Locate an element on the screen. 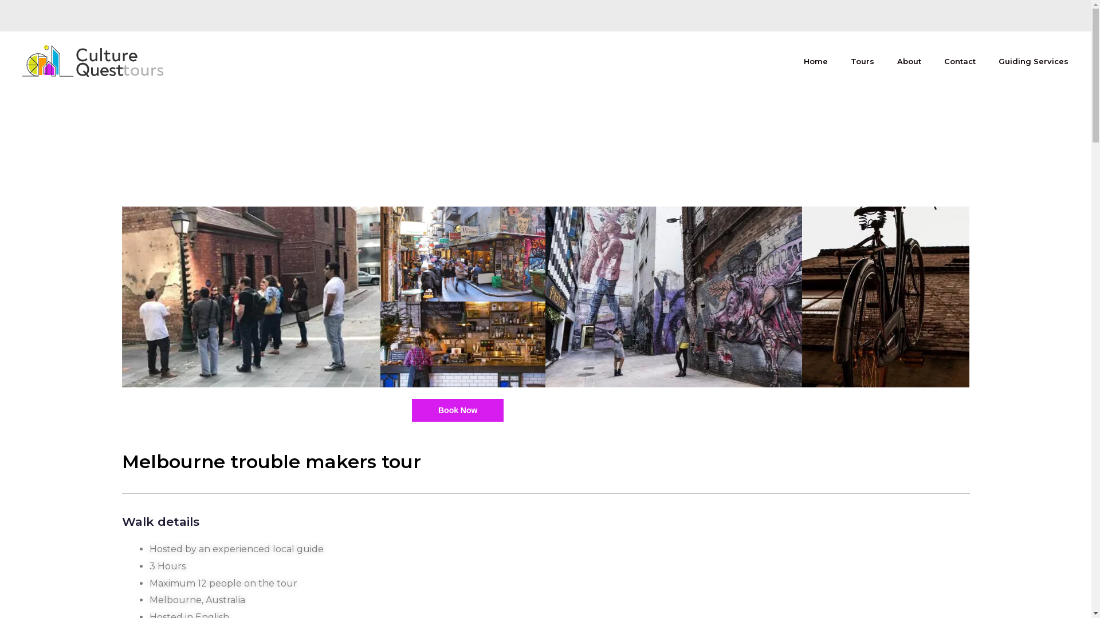 The image size is (1100, 618). 'Home' is located at coordinates (815, 61).